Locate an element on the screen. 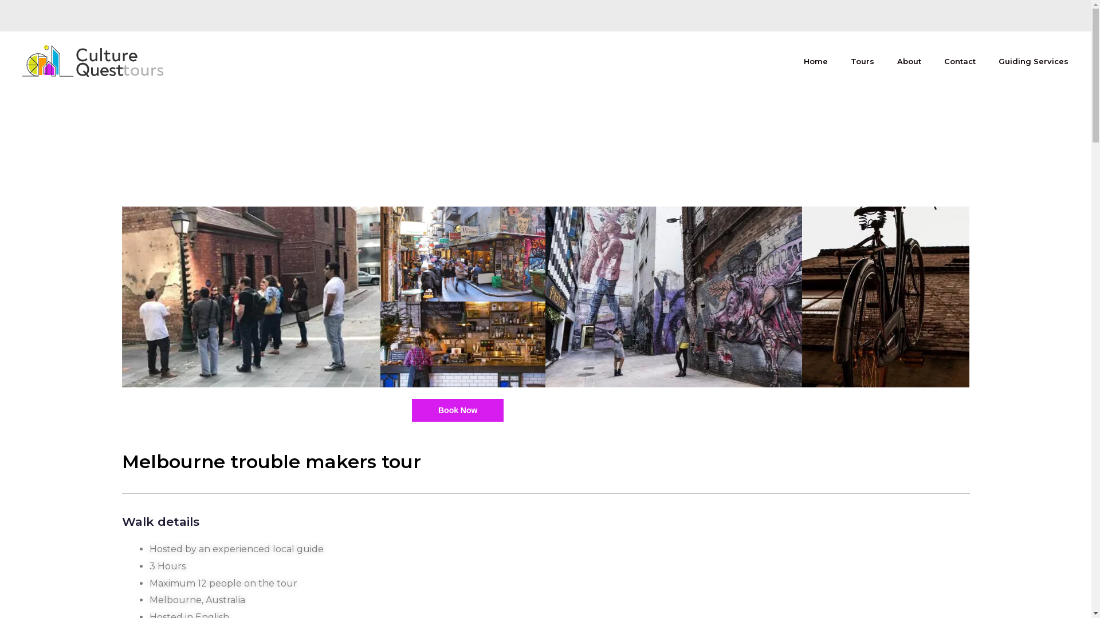 The image size is (1100, 618). 'Home' is located at coordinates (815, 61).